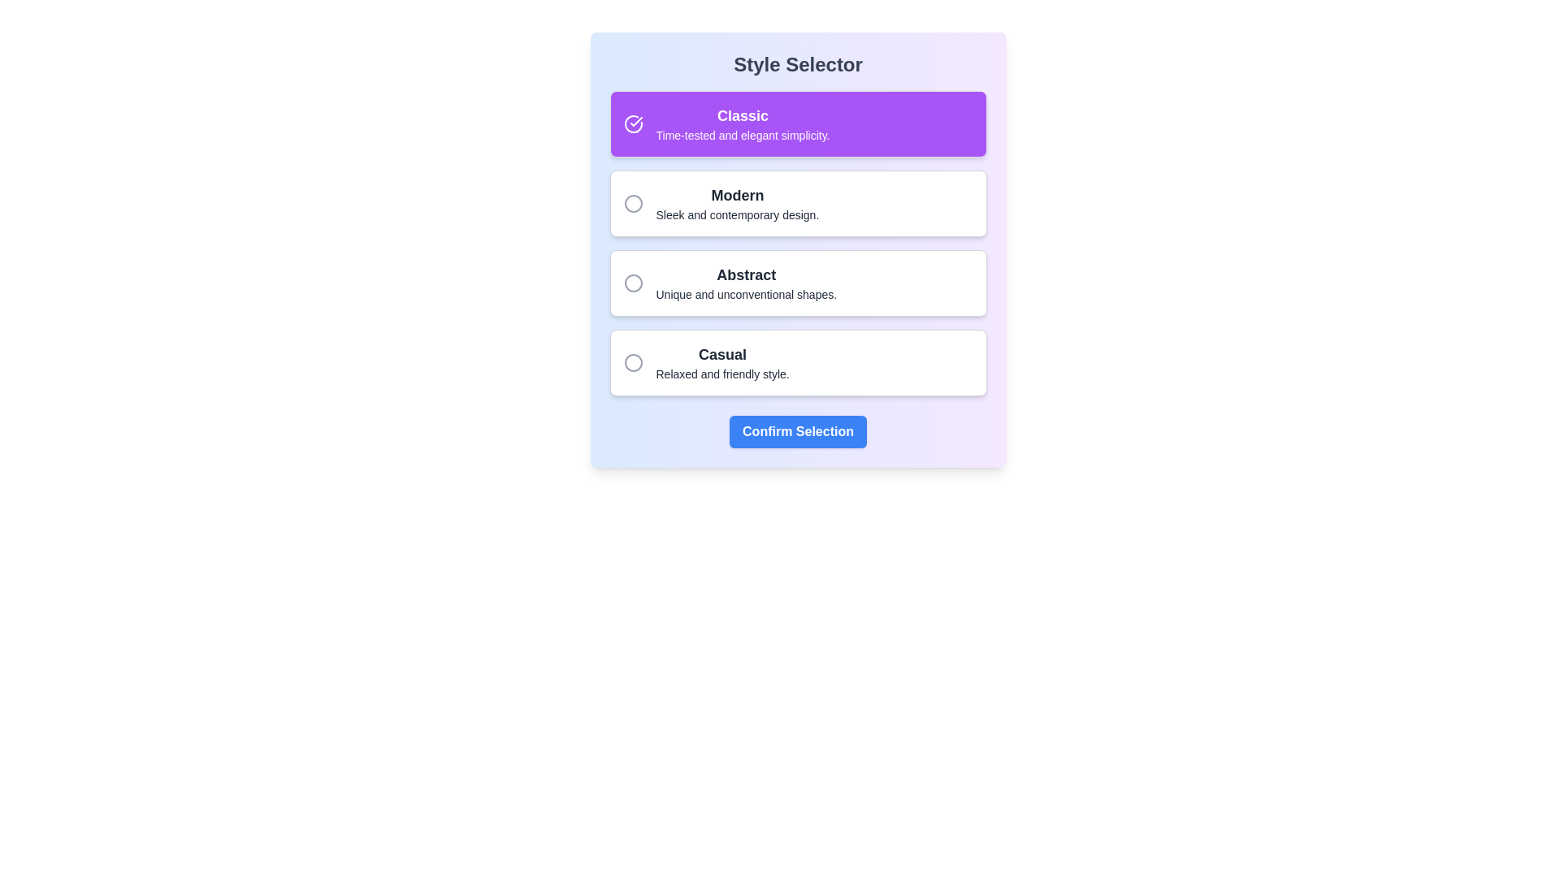 Image resolution: width=1560 pixels, height=877 pixels. I want to click on the selection state icon indicating the 'Classic' style option in the style selector at the top of the options list, so click(632, 123).